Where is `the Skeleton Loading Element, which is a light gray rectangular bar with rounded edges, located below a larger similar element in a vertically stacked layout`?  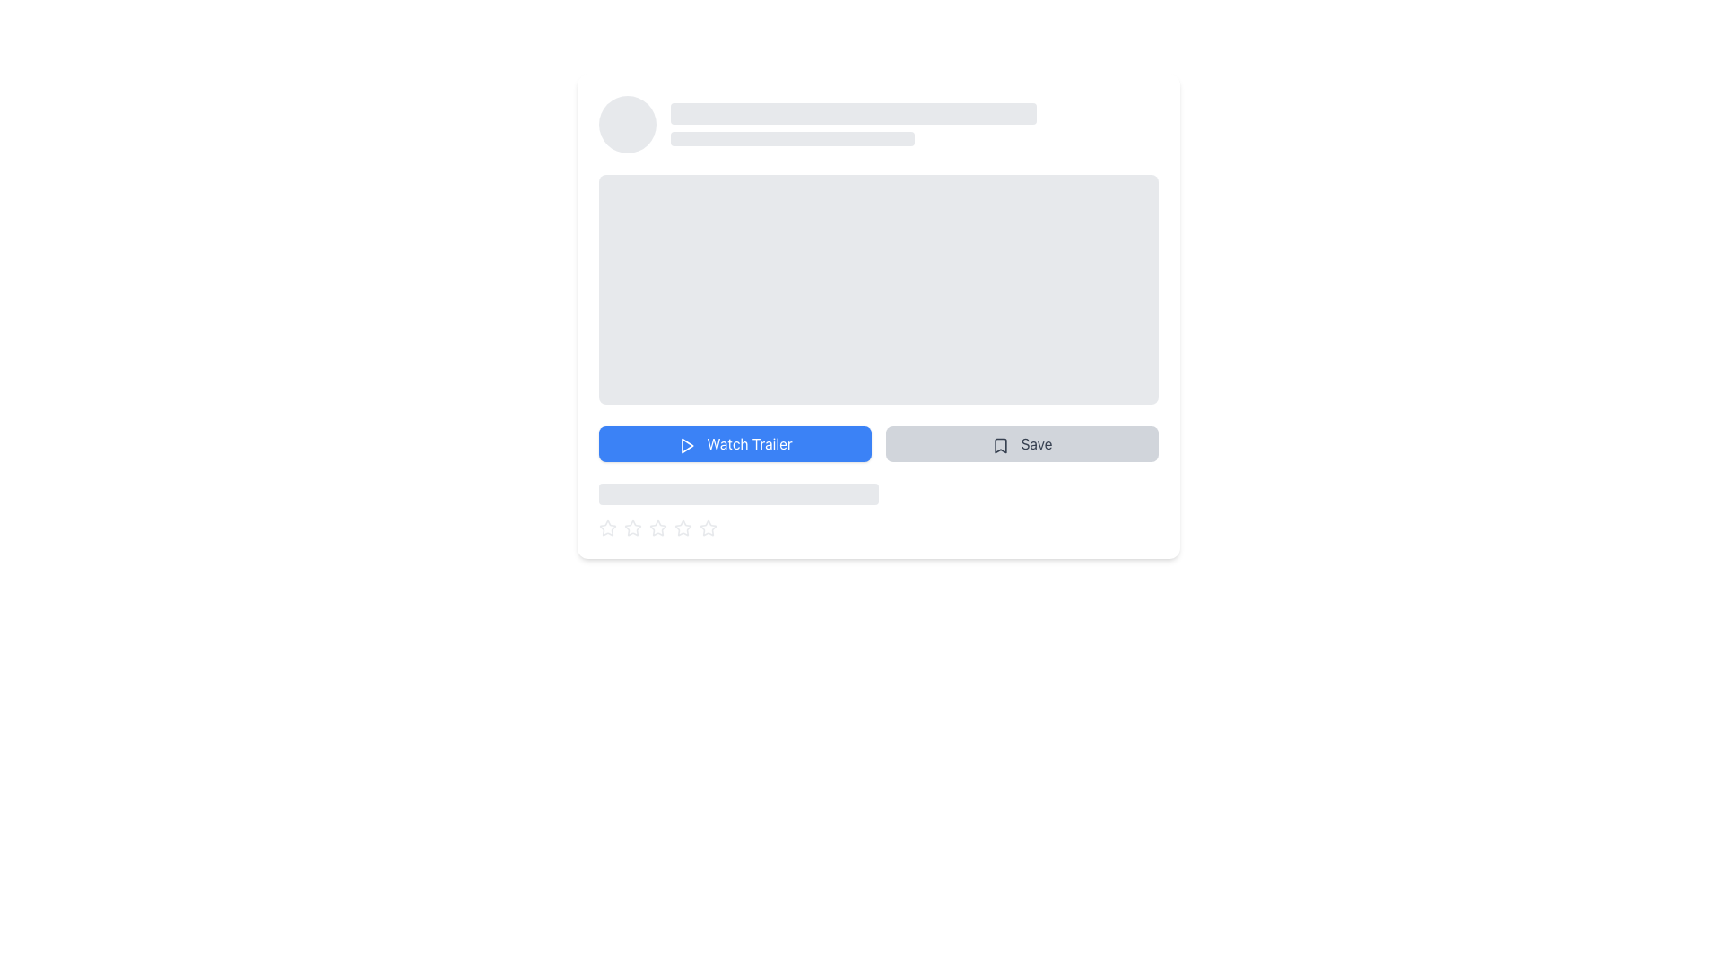 the Skeleton Loading Element, which is a light gray rectangular bar with rounded edges, located below a larger similar element in a vertically stacked layout is located at coordinates (791, 137).